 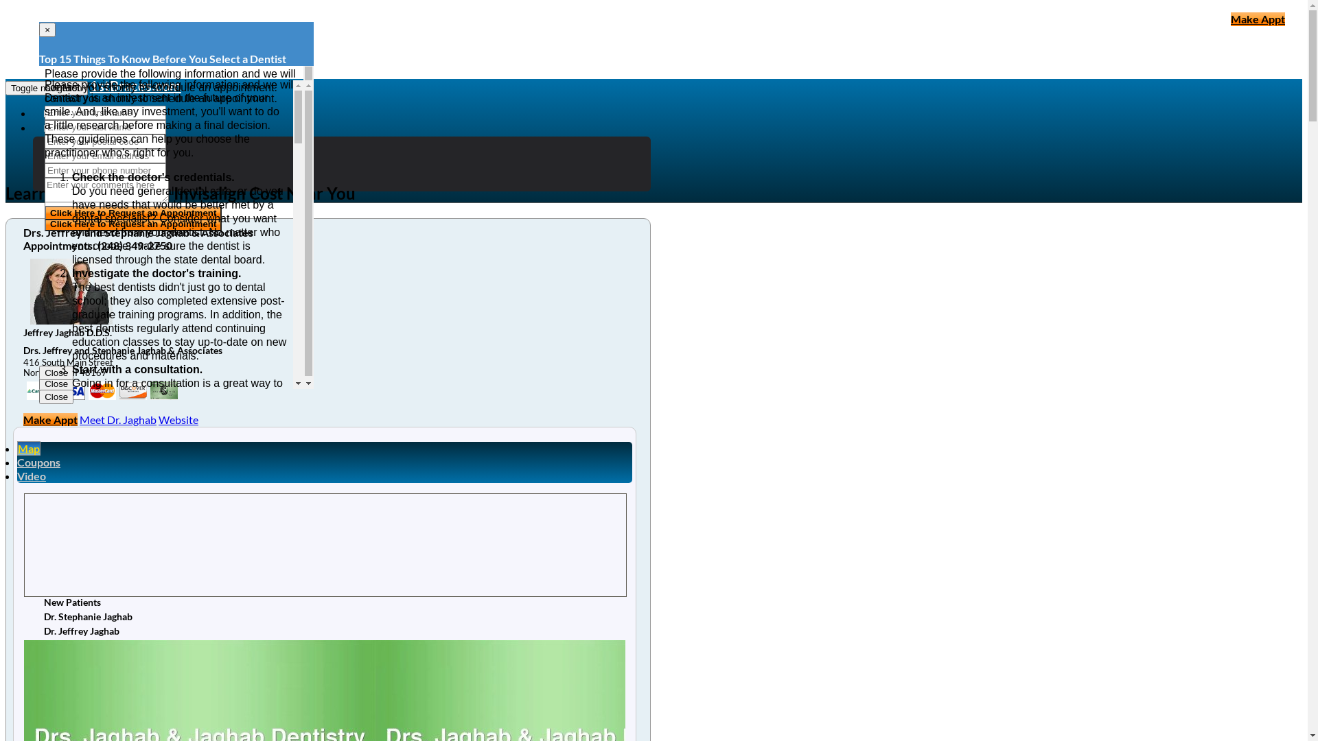 I want to click on 'Braces Articles', so click(x=72, y=128).